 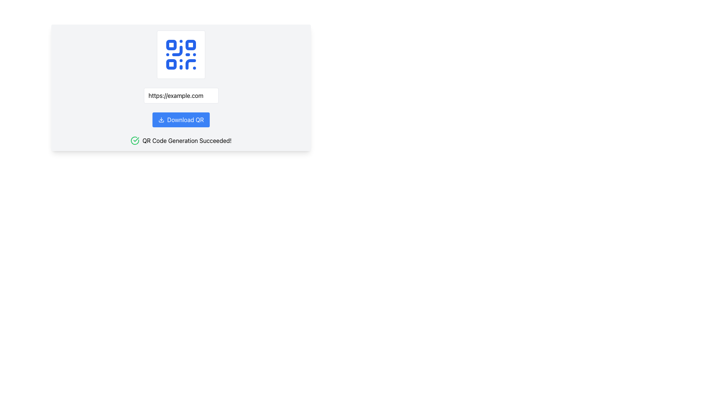 What do you see at coordinates (181, 119) in the screenshot?
I see `the download button for the generated QR code, which is located below the text input field displaying 'https://example.com' and above the text 'QR Code Generation Succeeded!'` at bounding box center [181, 119].